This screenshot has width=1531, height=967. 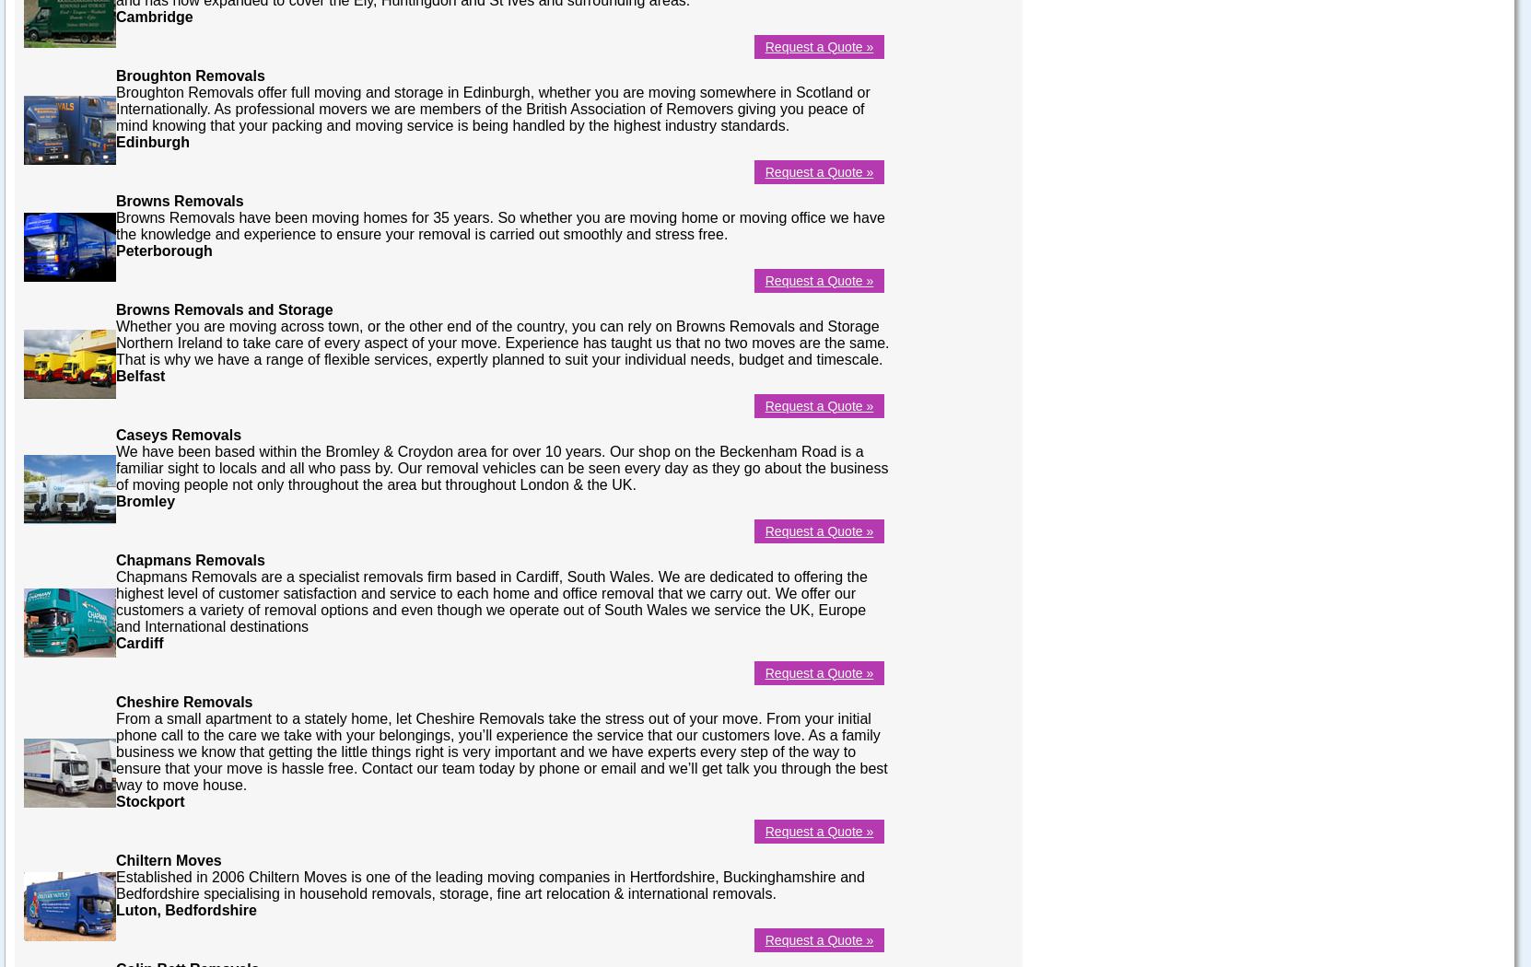 I want to click on 'Cardiff', so click(x=115, y=642).